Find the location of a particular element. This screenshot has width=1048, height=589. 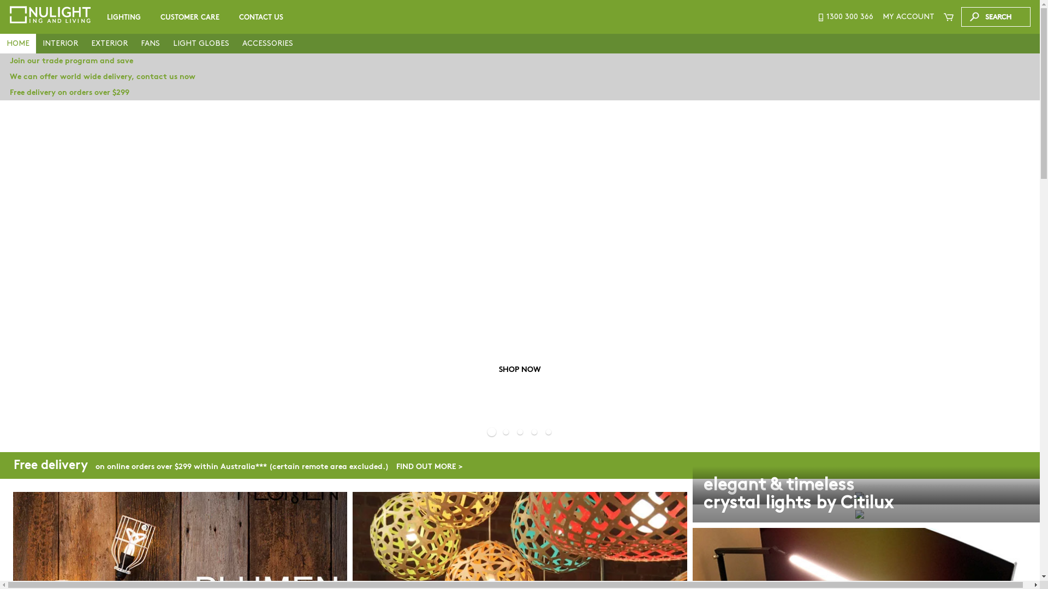

'INTERIOR' is located at coordinates (59, 43).